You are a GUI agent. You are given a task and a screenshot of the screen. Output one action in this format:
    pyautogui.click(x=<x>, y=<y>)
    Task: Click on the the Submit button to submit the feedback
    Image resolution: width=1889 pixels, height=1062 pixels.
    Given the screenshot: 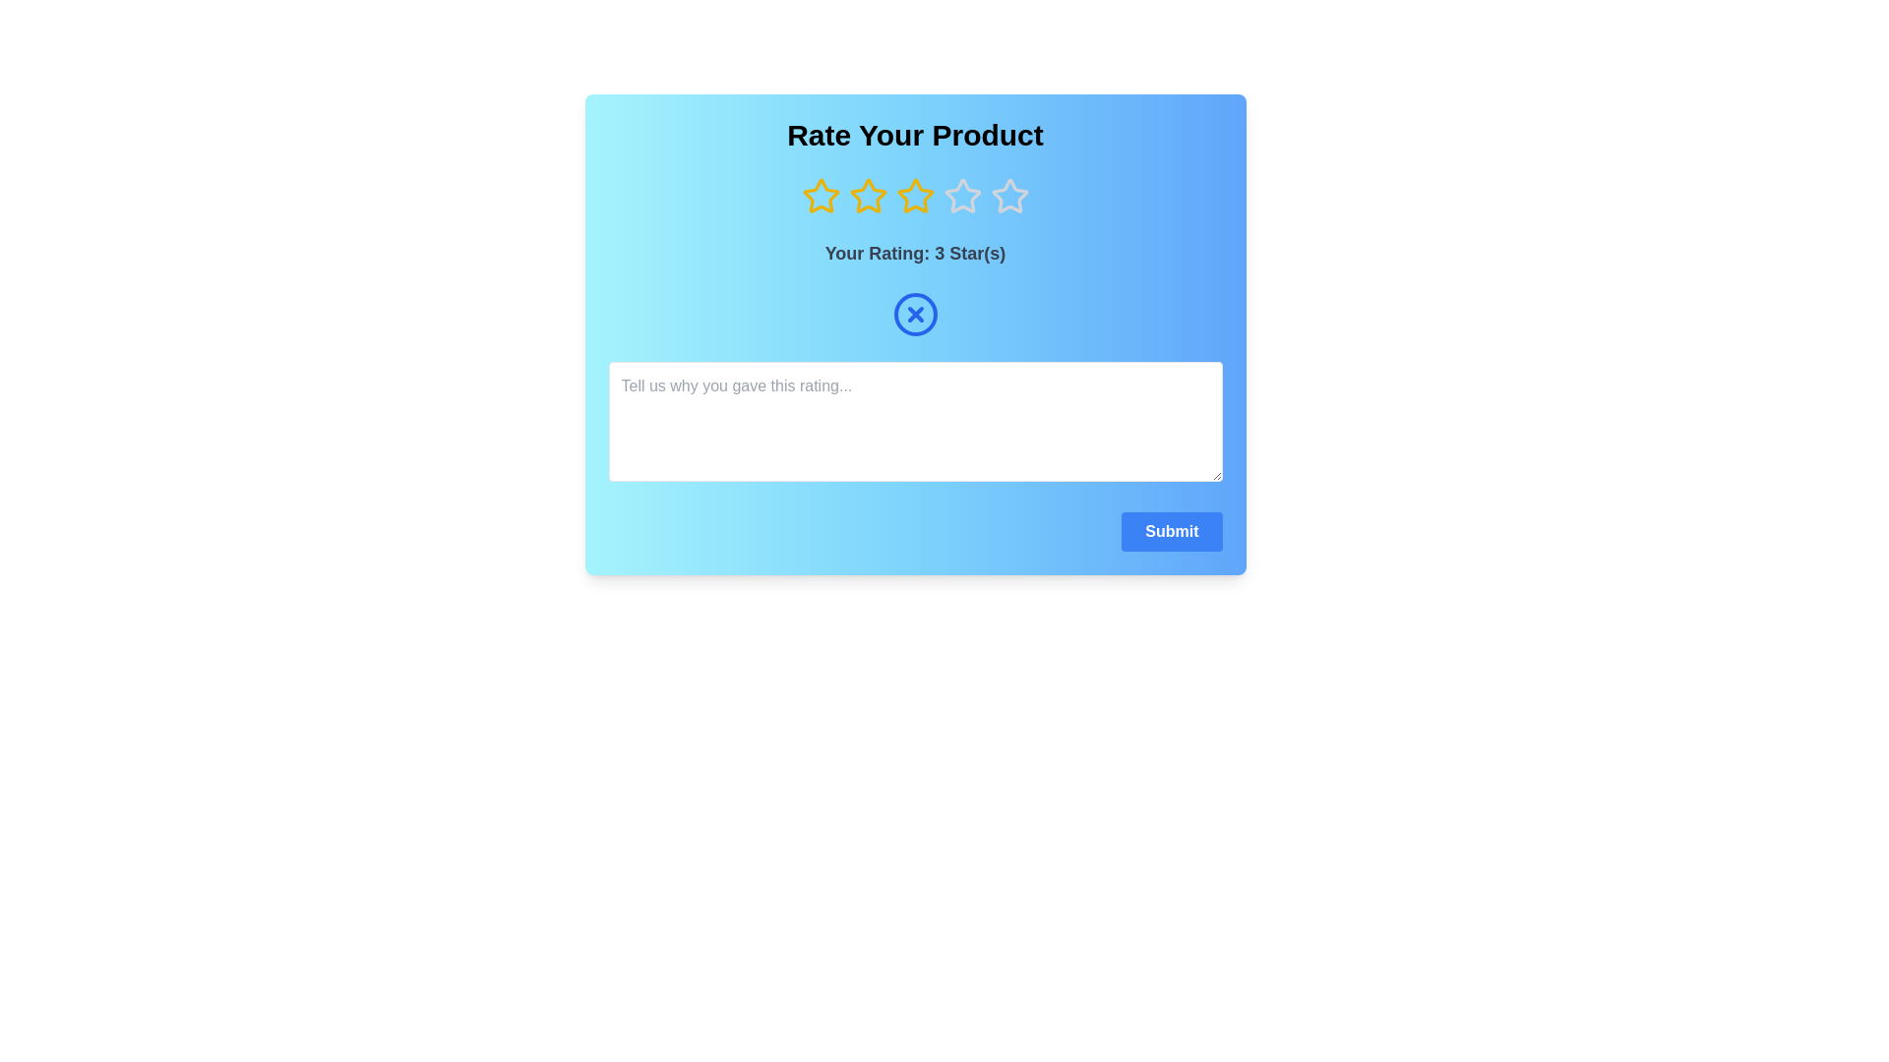 What is the action you would take?
    pyautogui.click(x=1172, y=531)
    